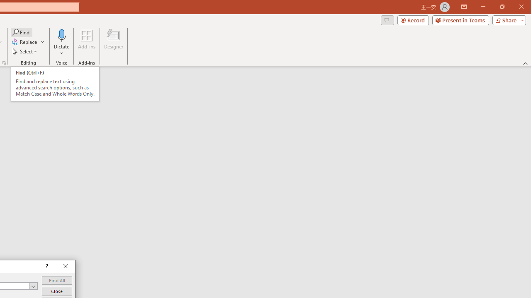  What do you see at coordinates (46, 267) in the screenshot?
I see `'Context help'` at bounding box center [46, 267].